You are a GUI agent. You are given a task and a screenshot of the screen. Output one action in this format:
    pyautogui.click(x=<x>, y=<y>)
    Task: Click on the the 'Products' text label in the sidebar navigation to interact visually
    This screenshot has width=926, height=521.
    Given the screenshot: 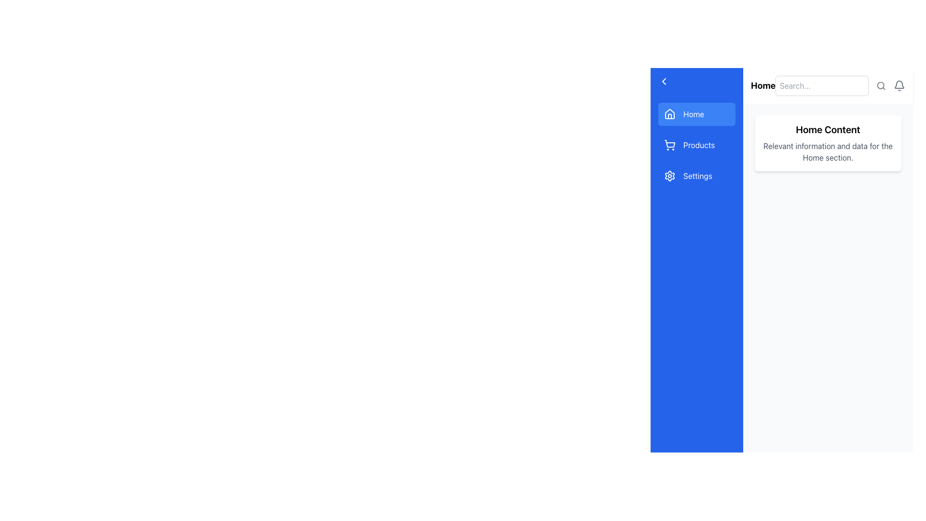 What is the action you would take?
    pyautogui.click(x=699, y=145)
    